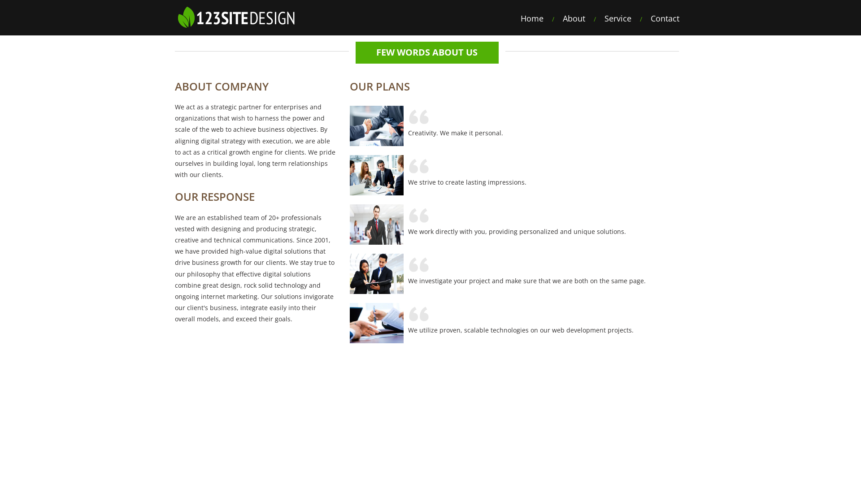 The width and height of the screenshot is (861, 484). I want to click on 'Service', so click(617, 19).